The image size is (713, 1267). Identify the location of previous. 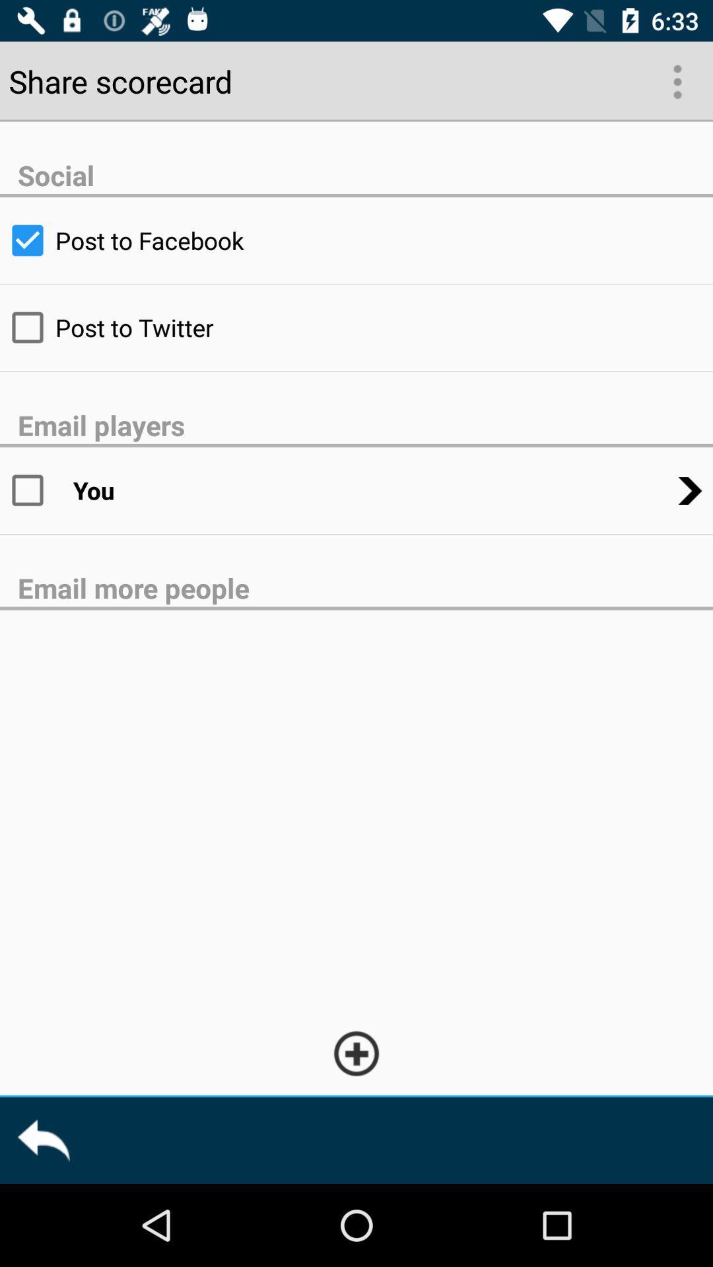
(42, 1140).